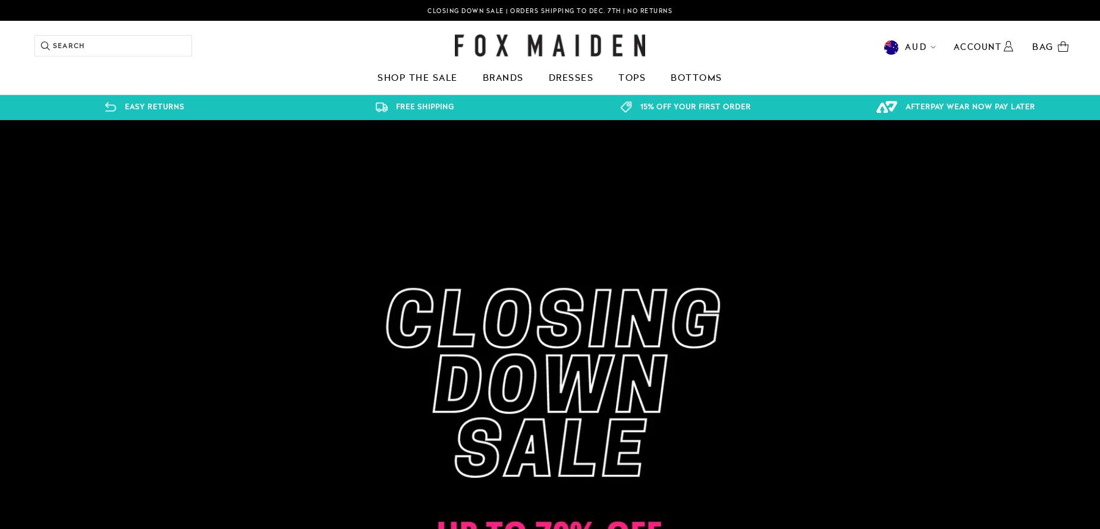 This screenshot has width=1100, height=529. I want to click on 'Pants', so click(149, 150).